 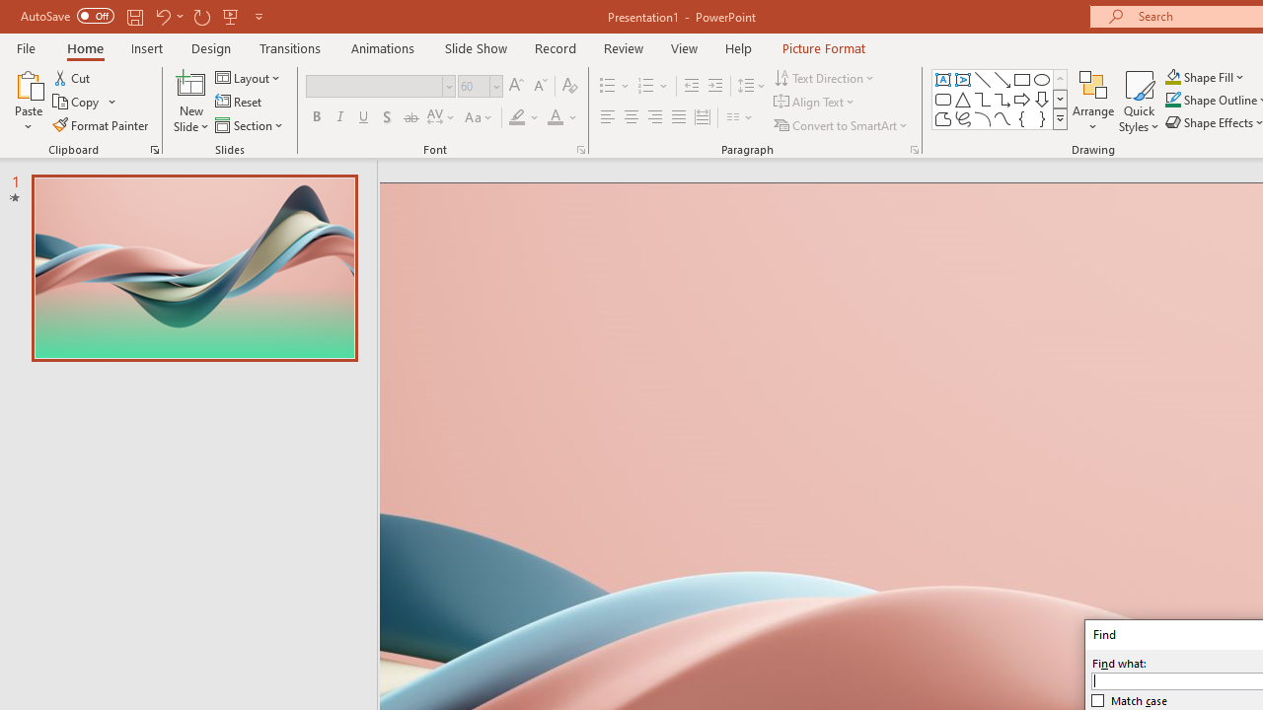 I want to click on 'Picture Format', so click(x=824, y=47).